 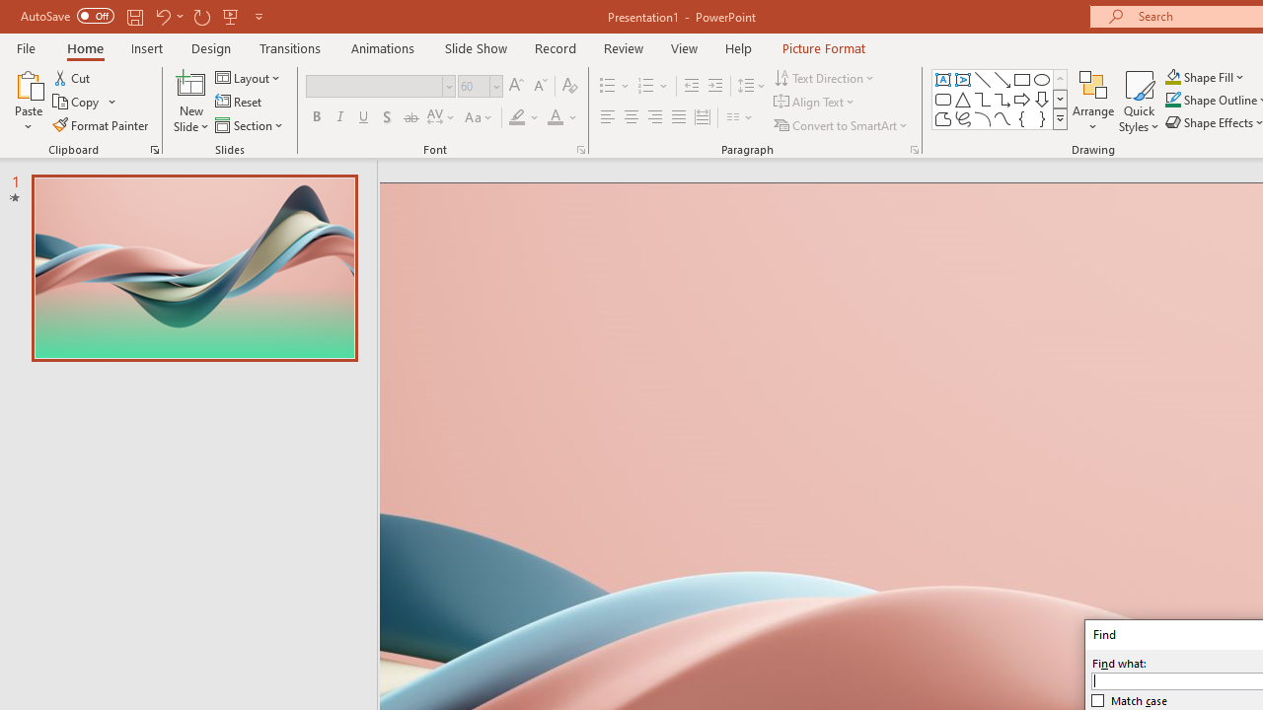 I want to click on 'Picture Format', so click(x=824, y=47).